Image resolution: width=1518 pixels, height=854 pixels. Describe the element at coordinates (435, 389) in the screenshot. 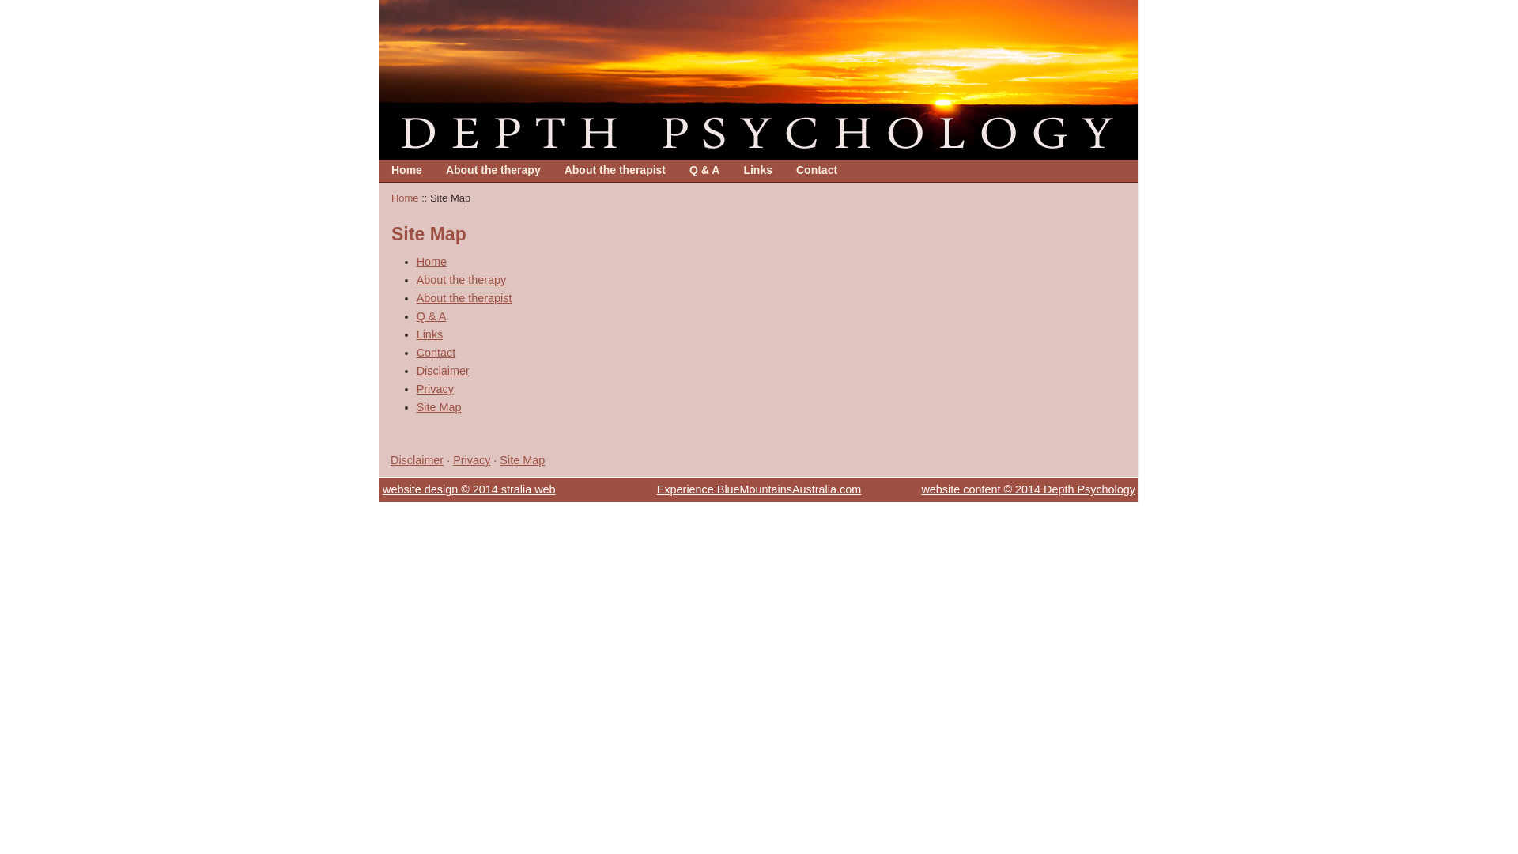

I see `'Privacy'` at that location.